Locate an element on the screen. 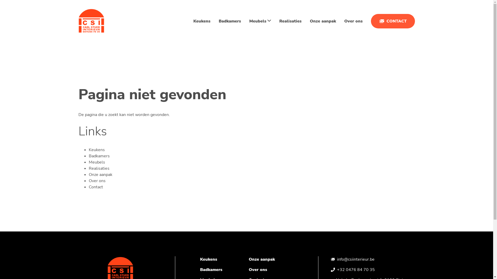 The image size is (497, 279). 'Badkamers' is located at coordinates (218, 21).